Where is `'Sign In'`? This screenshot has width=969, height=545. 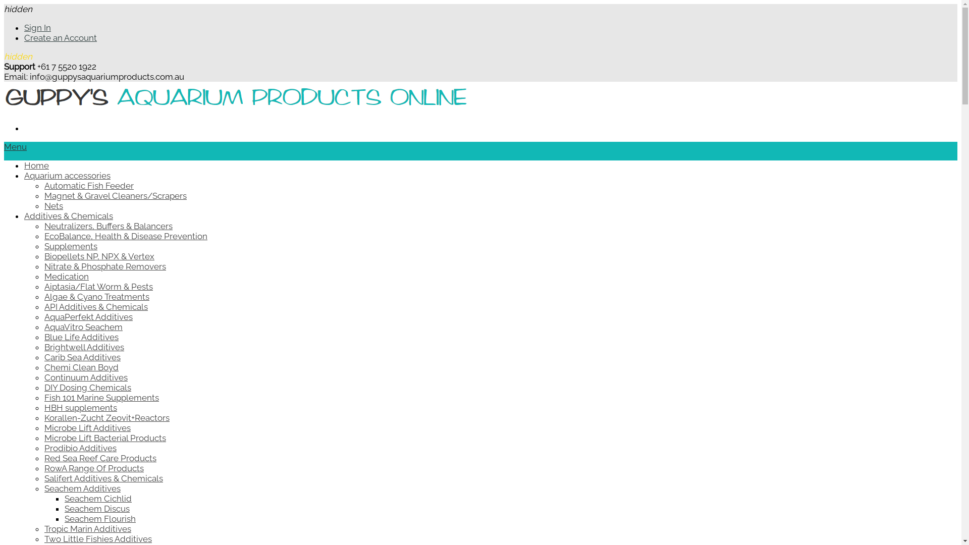
'Sign In' is located at coordinates (24, 27).